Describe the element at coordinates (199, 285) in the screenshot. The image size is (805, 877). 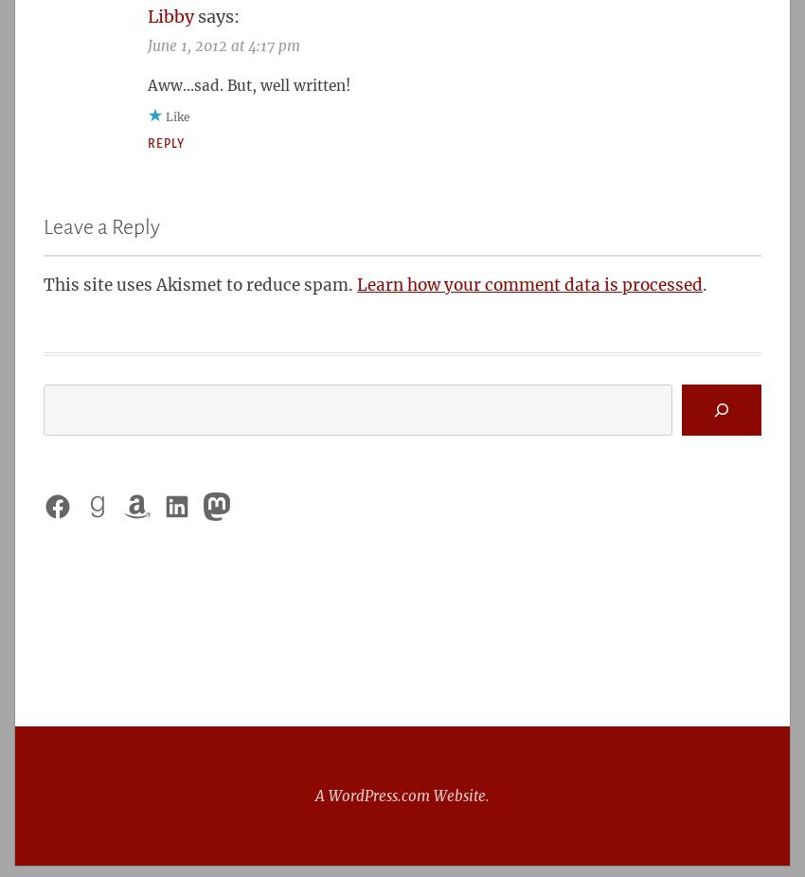
I see `'This site uses Akismet to reduce spam.'` at that location.